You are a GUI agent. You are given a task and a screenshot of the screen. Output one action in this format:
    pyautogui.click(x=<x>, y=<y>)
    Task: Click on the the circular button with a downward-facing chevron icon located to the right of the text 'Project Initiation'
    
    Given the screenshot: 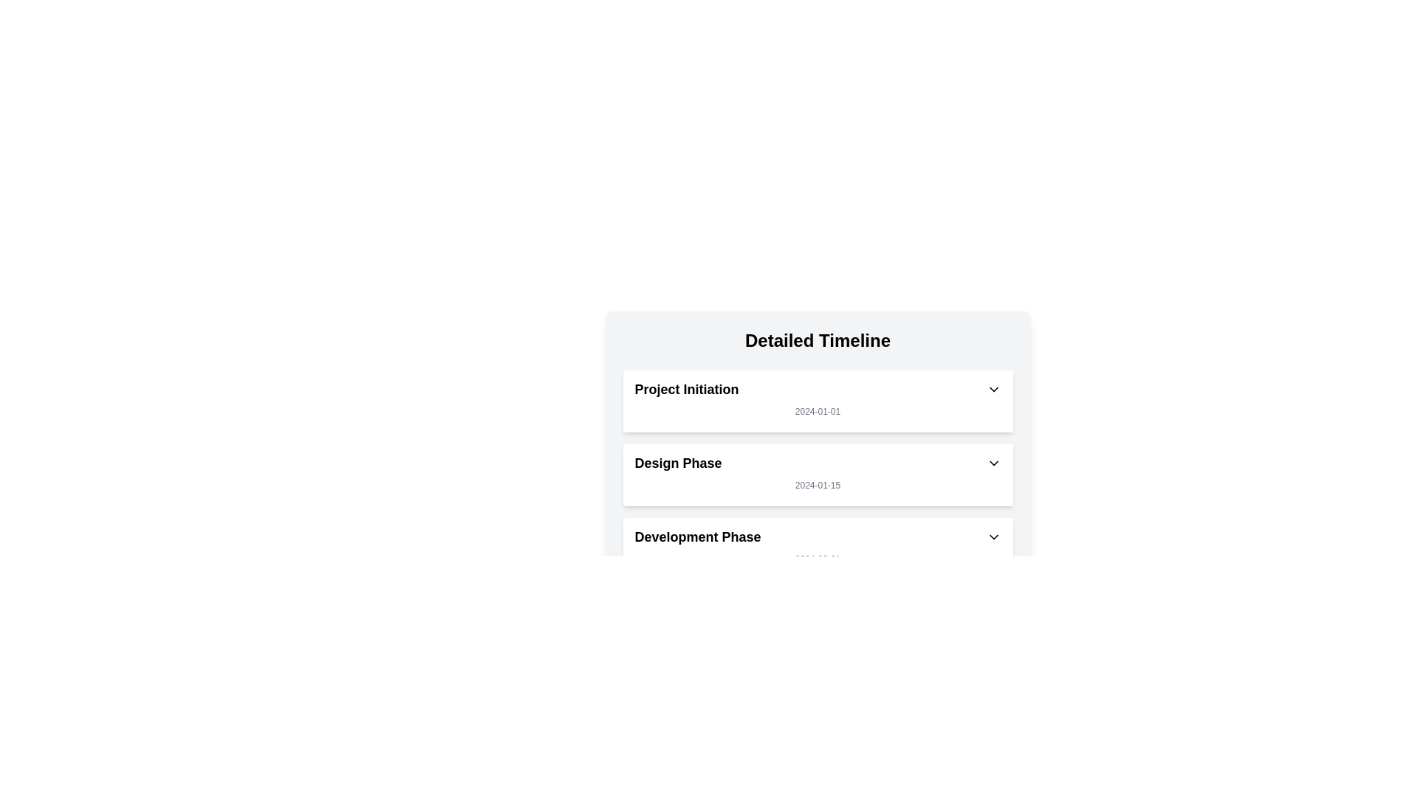 What is the action you would take?
    pyautogui.click(x=993, y=389)
    